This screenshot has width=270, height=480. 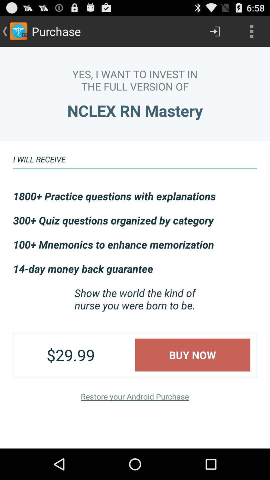 I want to click on the item next to the purchase item, so click(x=214, y=31).